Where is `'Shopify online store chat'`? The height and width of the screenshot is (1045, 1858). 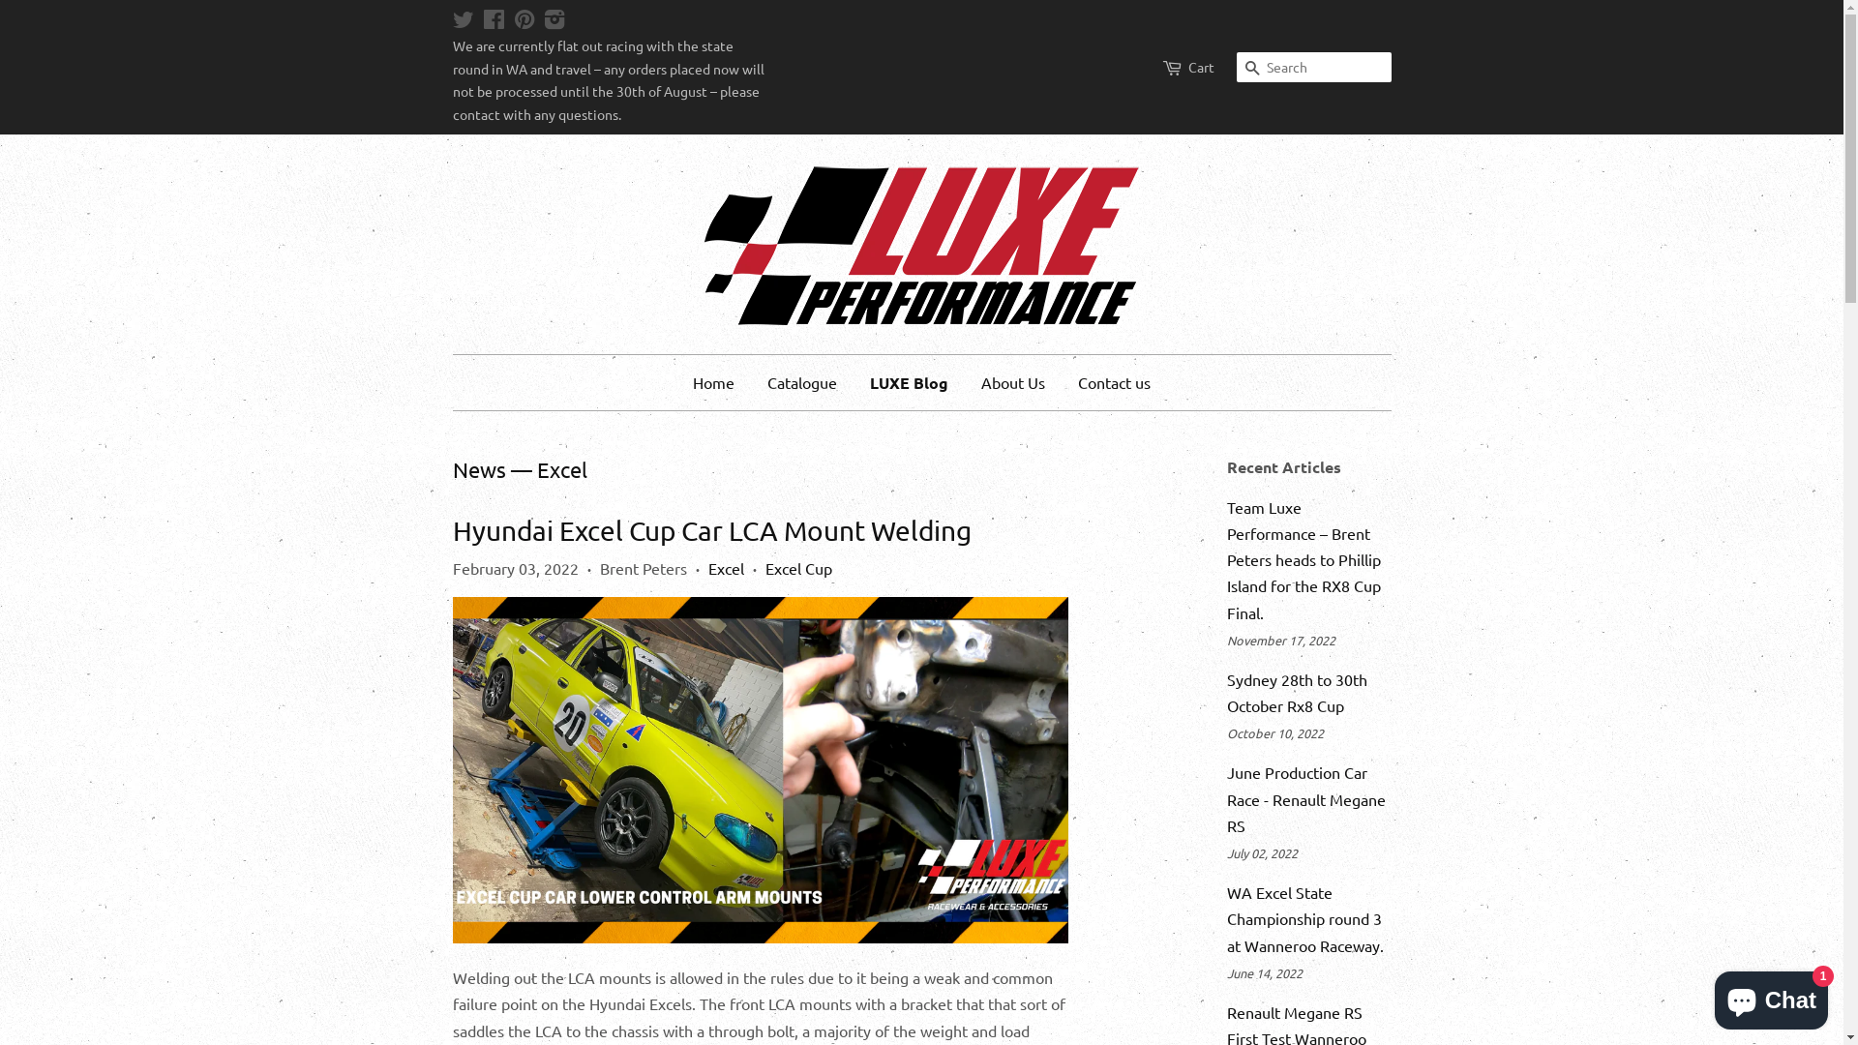
'Shopify online store chat' is located at coordinates (1771, 996).